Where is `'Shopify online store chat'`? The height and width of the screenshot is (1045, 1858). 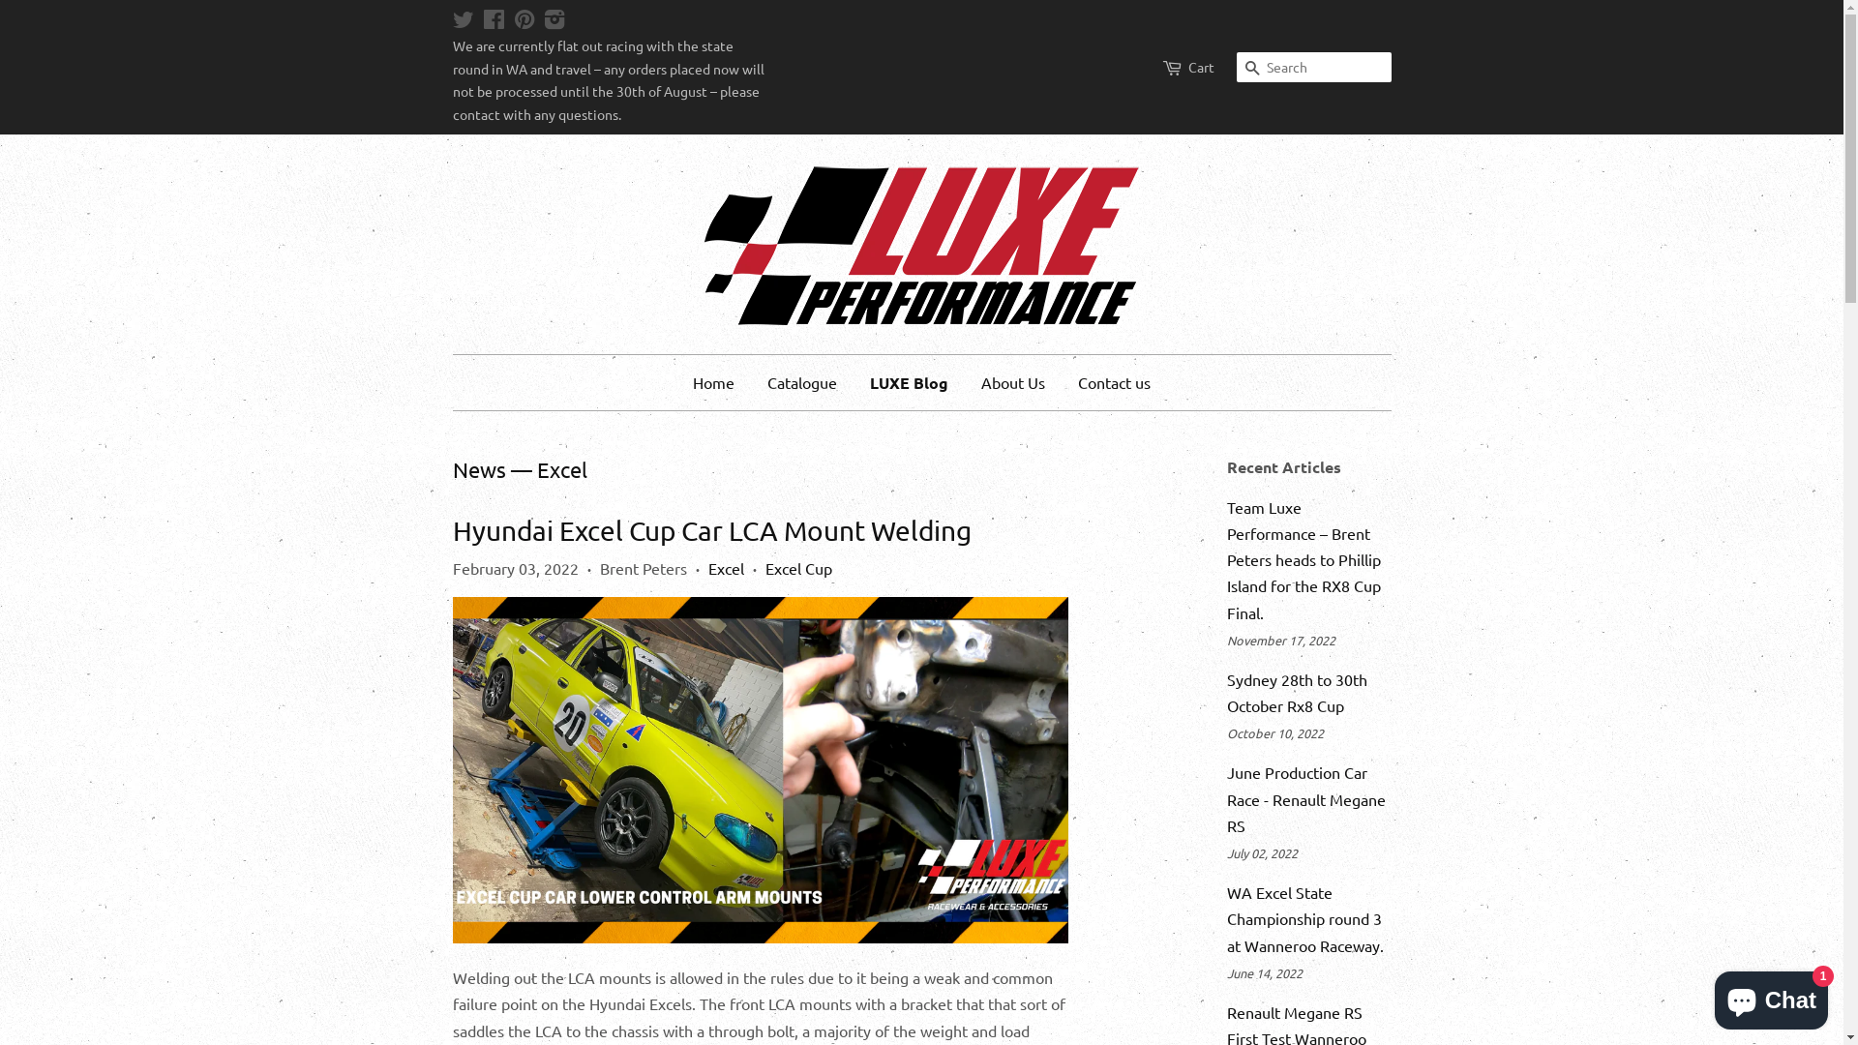
'Shopify online store chat' is located at coordinates (1771, 996).